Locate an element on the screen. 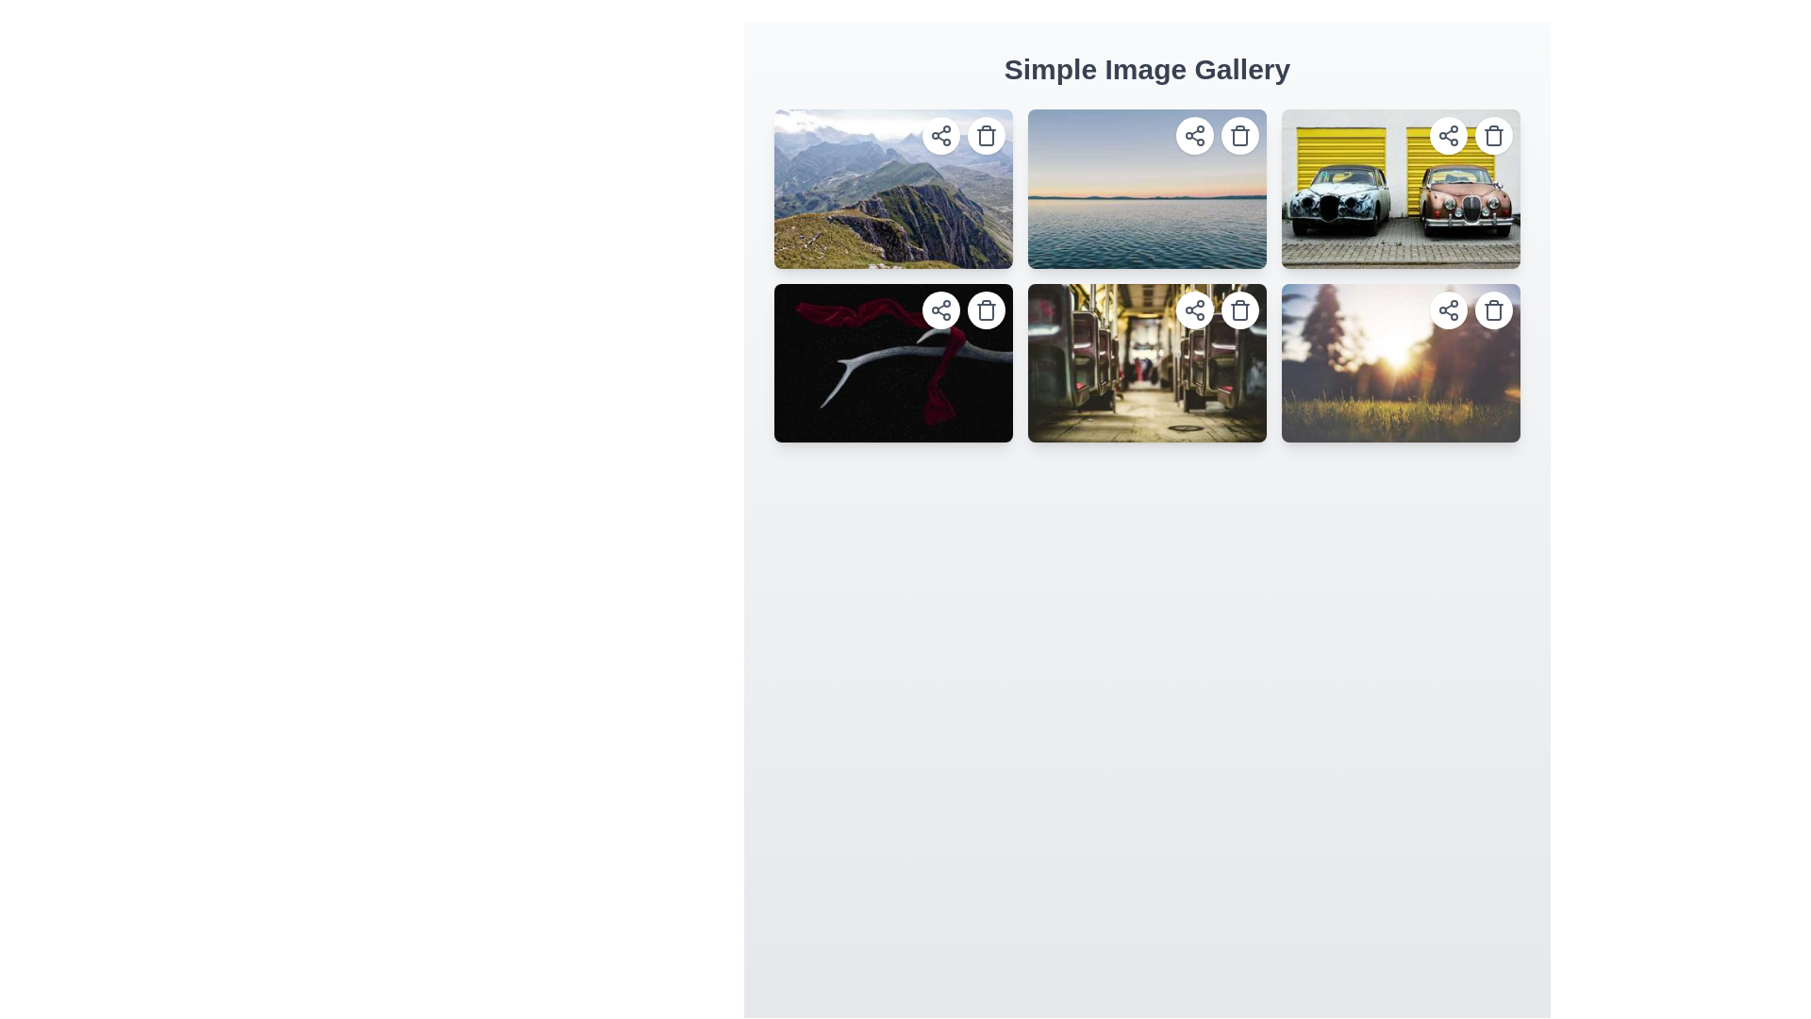  the first image in the second row of the gallery section is located at coordinates (892, 363).